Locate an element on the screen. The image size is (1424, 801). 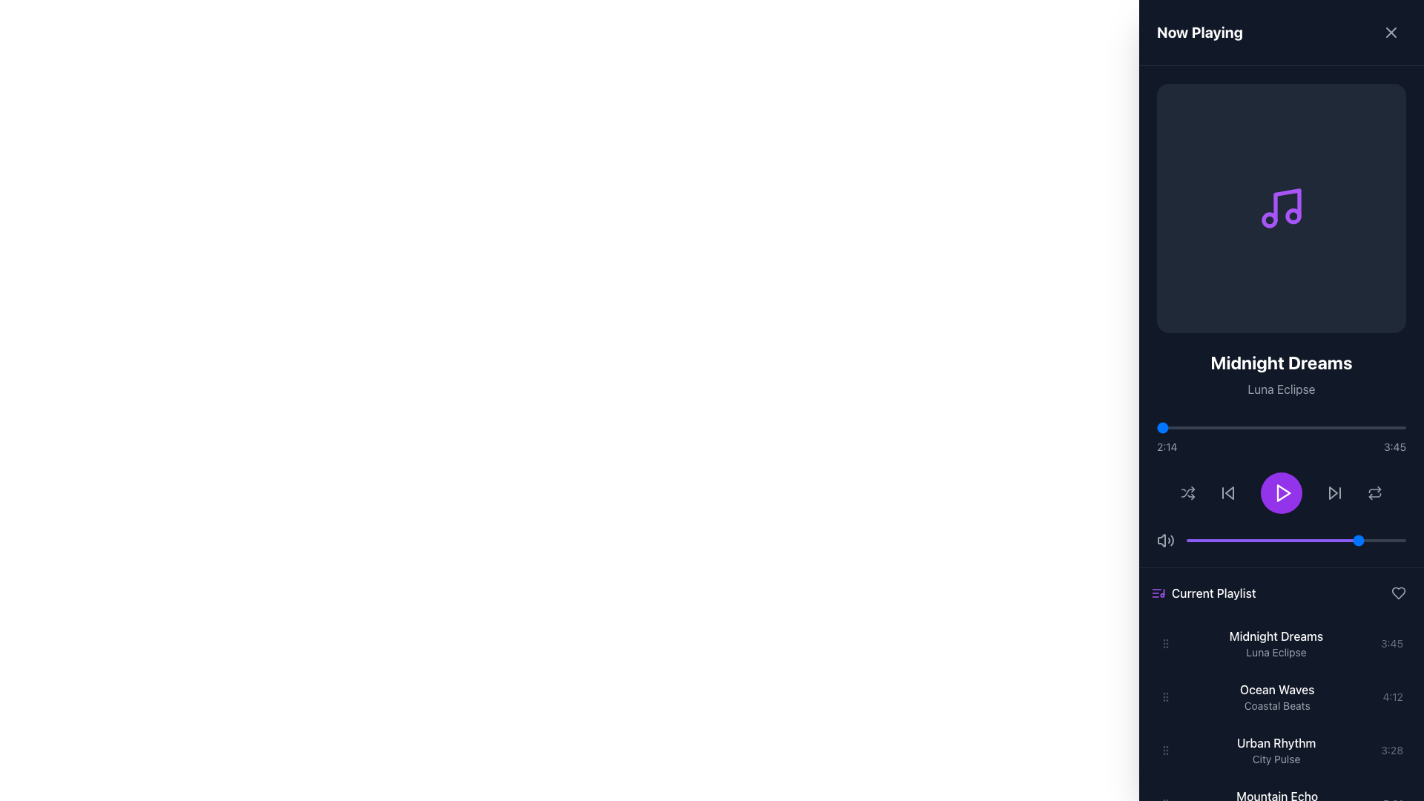
the next button, represented by a right-pointing arrow within a triangular play-next icon, located at the bottom center of the audio control interface is located at coordinates (1335, 492).